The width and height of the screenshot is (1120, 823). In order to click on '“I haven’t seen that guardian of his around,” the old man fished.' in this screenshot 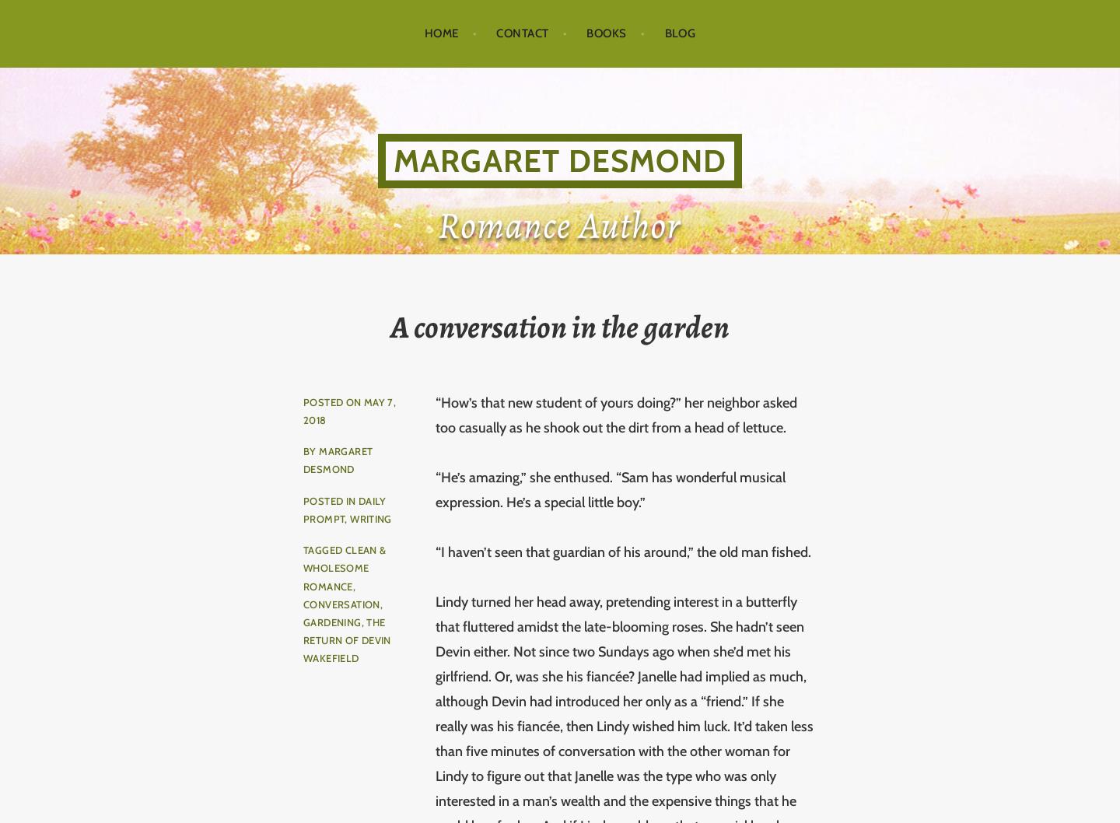, I will do `click(623, 551)`.